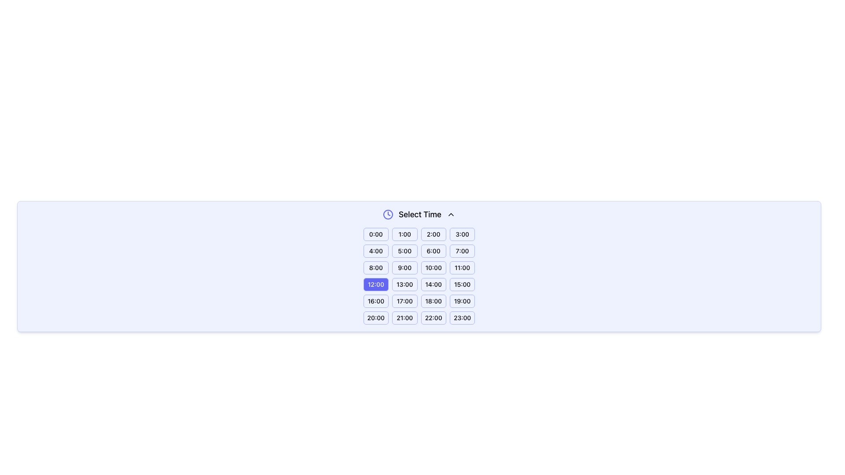 This screenshot has height=475, width=845. What do you see at coordinates (404, 267) in the screenshot?
I see `the '9:00' hour button in the time selection interface` at bounding box center [404, 267].